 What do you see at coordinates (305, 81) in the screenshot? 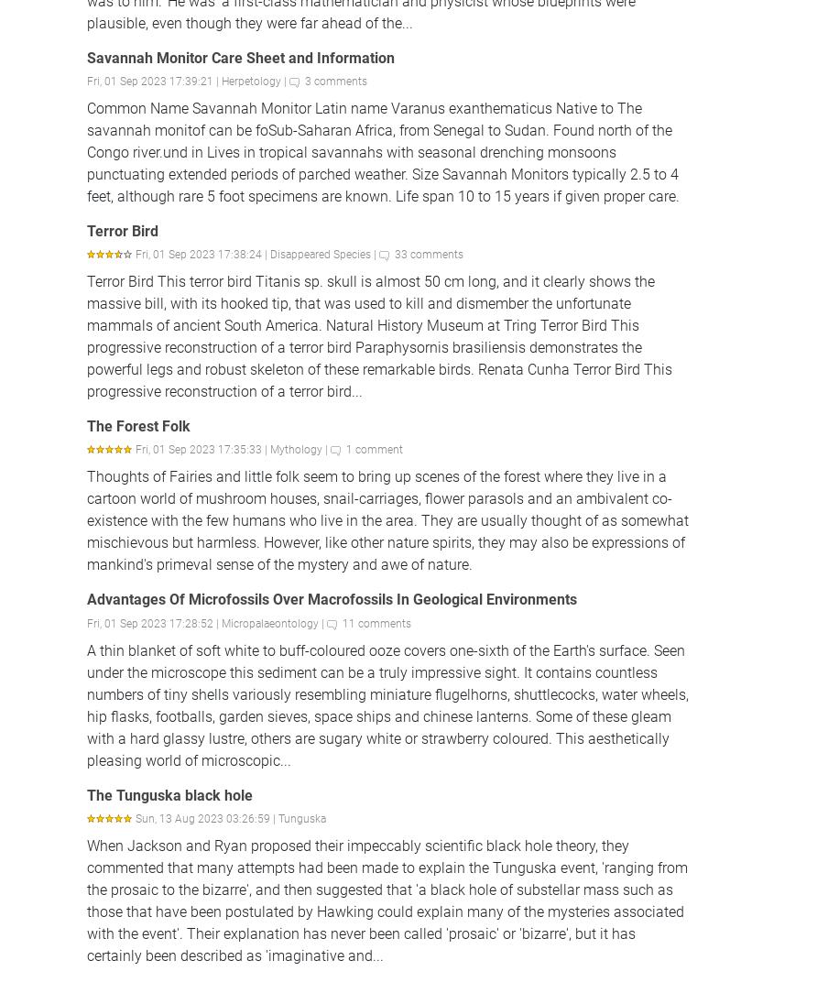
I see `'3 comments'` at bounding box center [305, 81].